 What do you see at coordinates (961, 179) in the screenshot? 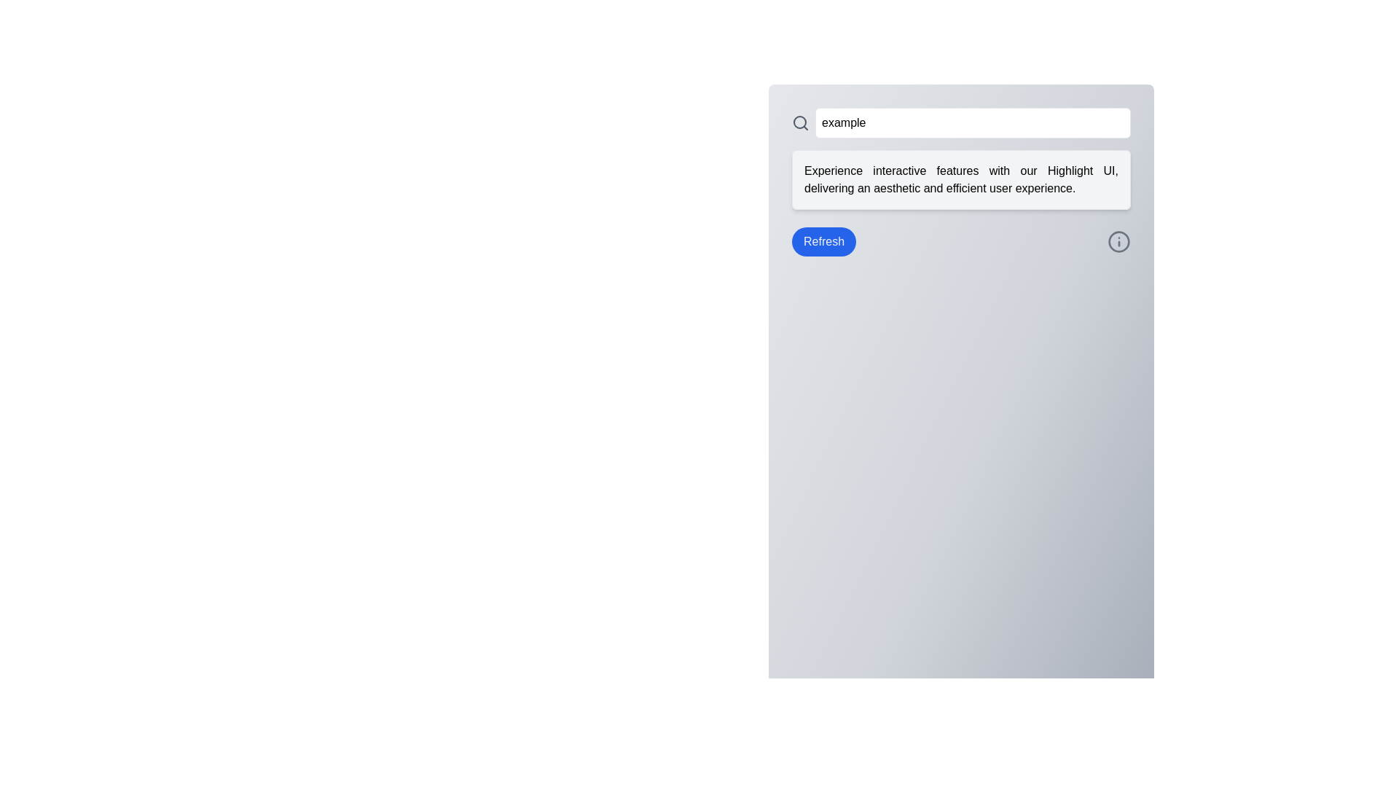
I see `the informational text block located below the search input field, aligned vertically with it, and positioned above the 'Refresh' button and the circular information icon` at bounding box center [961, 179].